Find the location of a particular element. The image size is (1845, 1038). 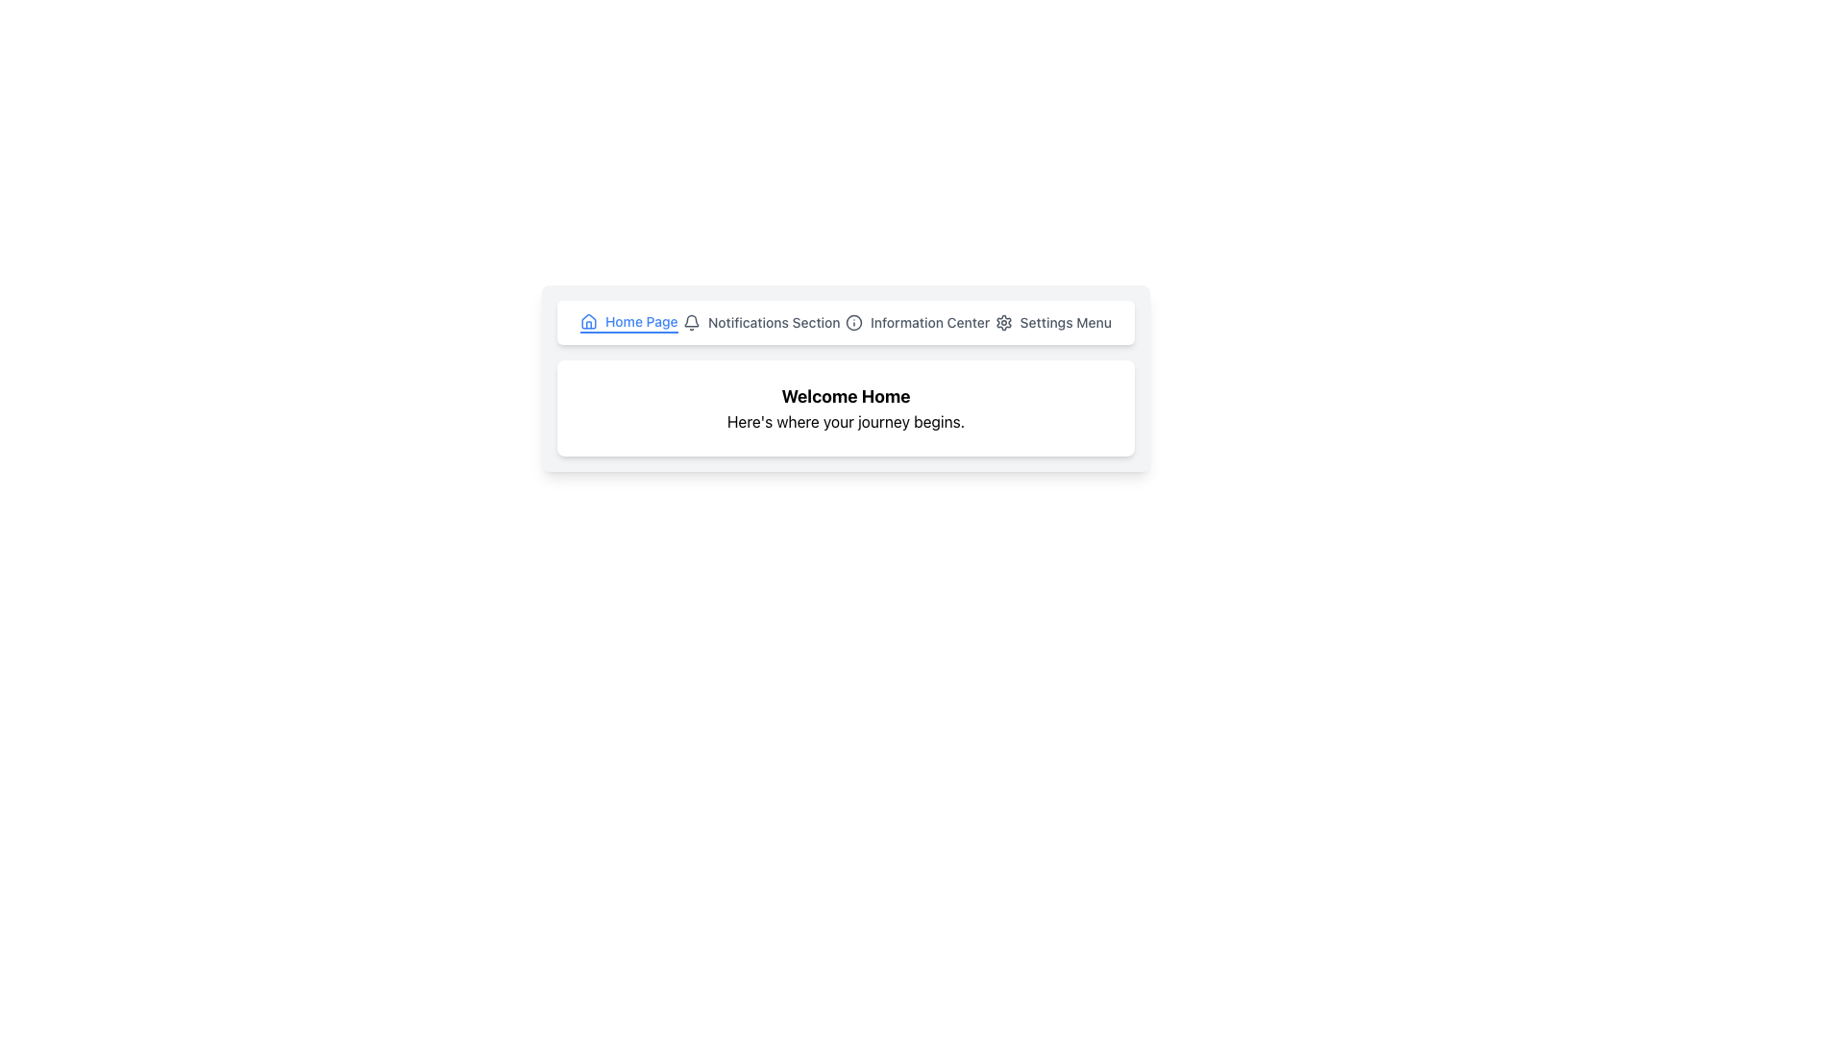

the 'Information Center' button, which features an 'info' icon and is positioned in the navigation bar is located at coordinates (917, 321).